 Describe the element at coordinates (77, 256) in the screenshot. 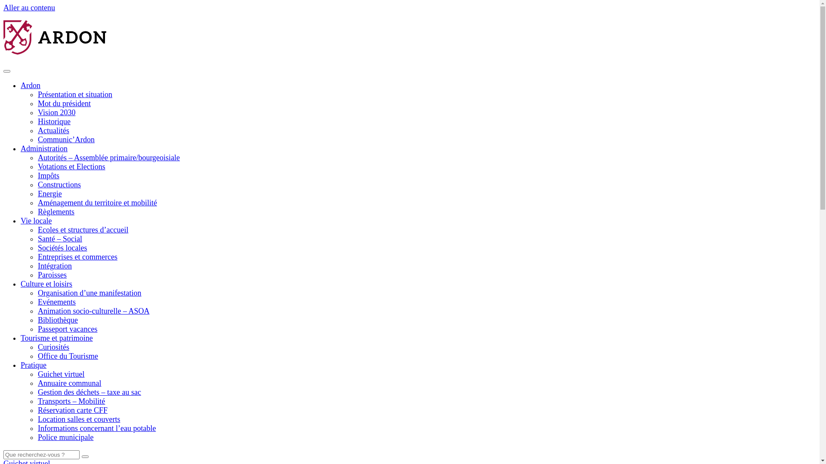

I see `'Entreprises et commerces'` at that location.